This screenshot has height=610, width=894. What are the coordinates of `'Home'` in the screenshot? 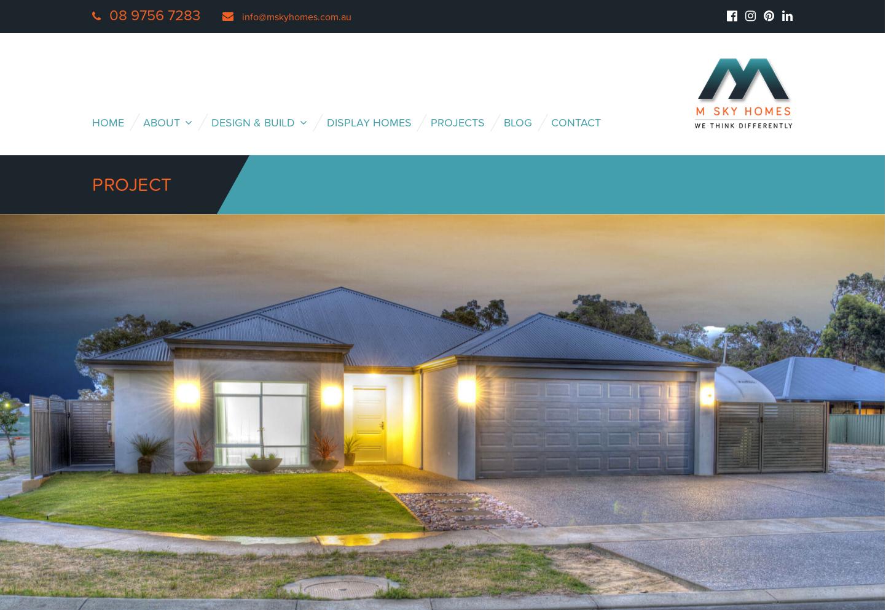 It's located at (108, 122).